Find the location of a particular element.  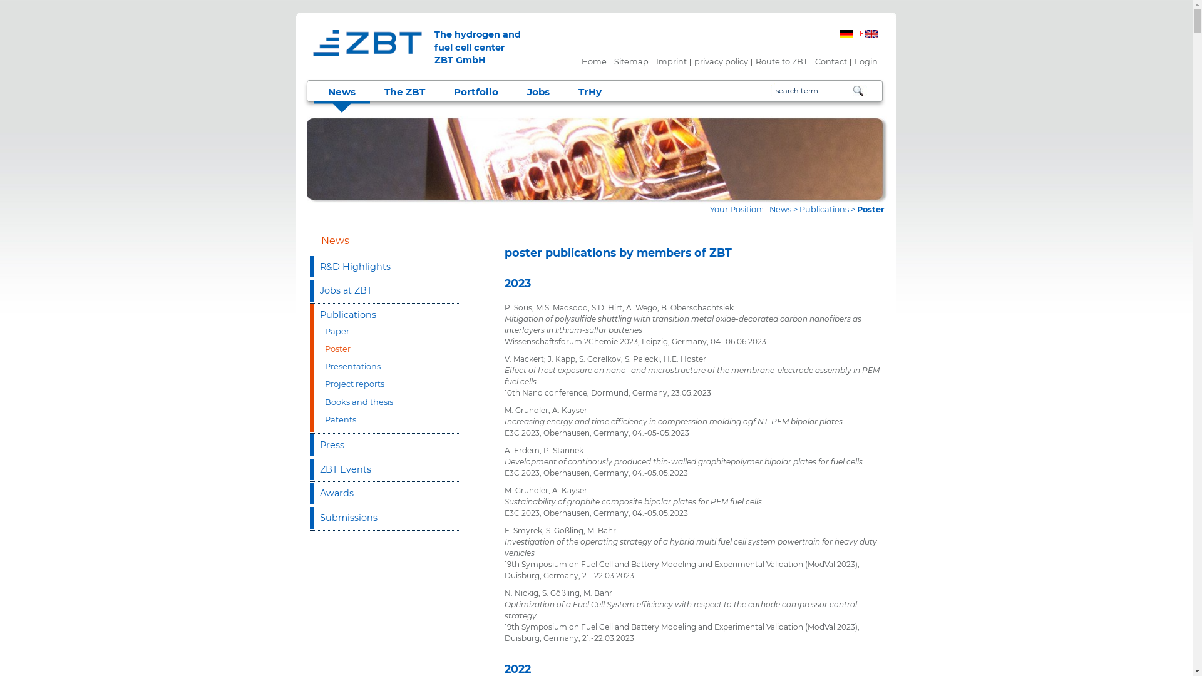

'privacy policy' is located at coordinates (721, 62).